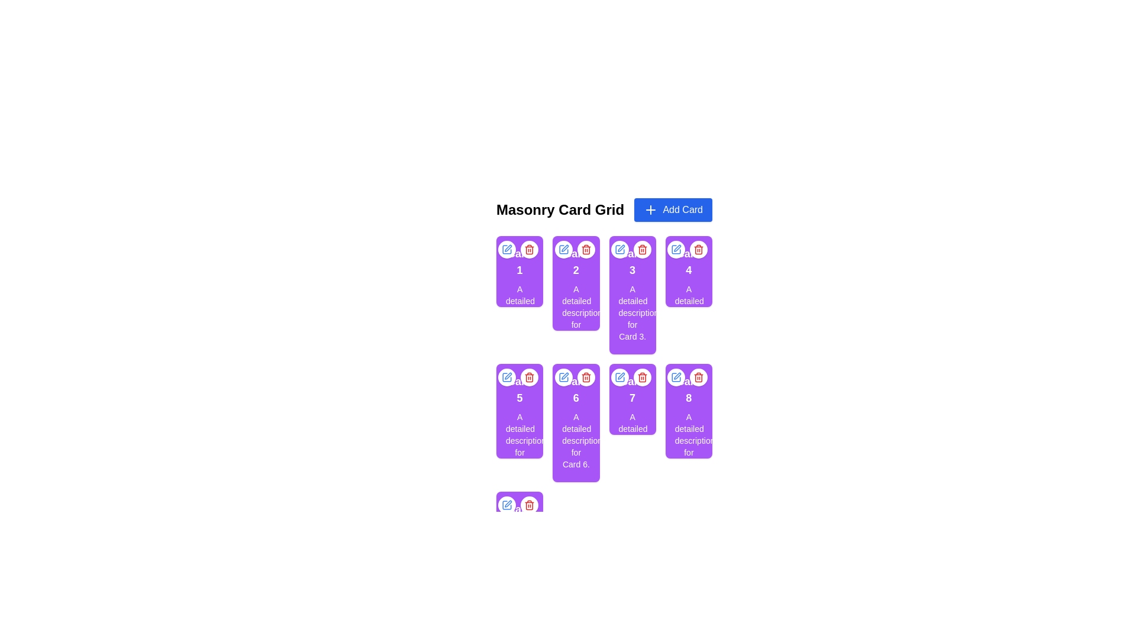 The height and width of the screenshot is (639, 1136). I want to click on the blue pen icon located on the left button of the circular button group within the purple card labeled 'Card 3', so click(630, 248).